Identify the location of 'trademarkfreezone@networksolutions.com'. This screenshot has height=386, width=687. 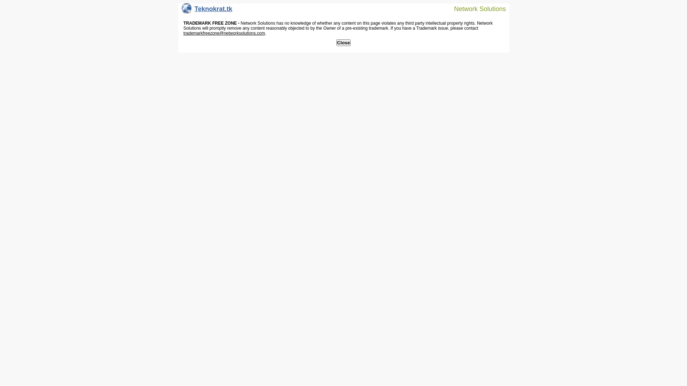
(223, 33).